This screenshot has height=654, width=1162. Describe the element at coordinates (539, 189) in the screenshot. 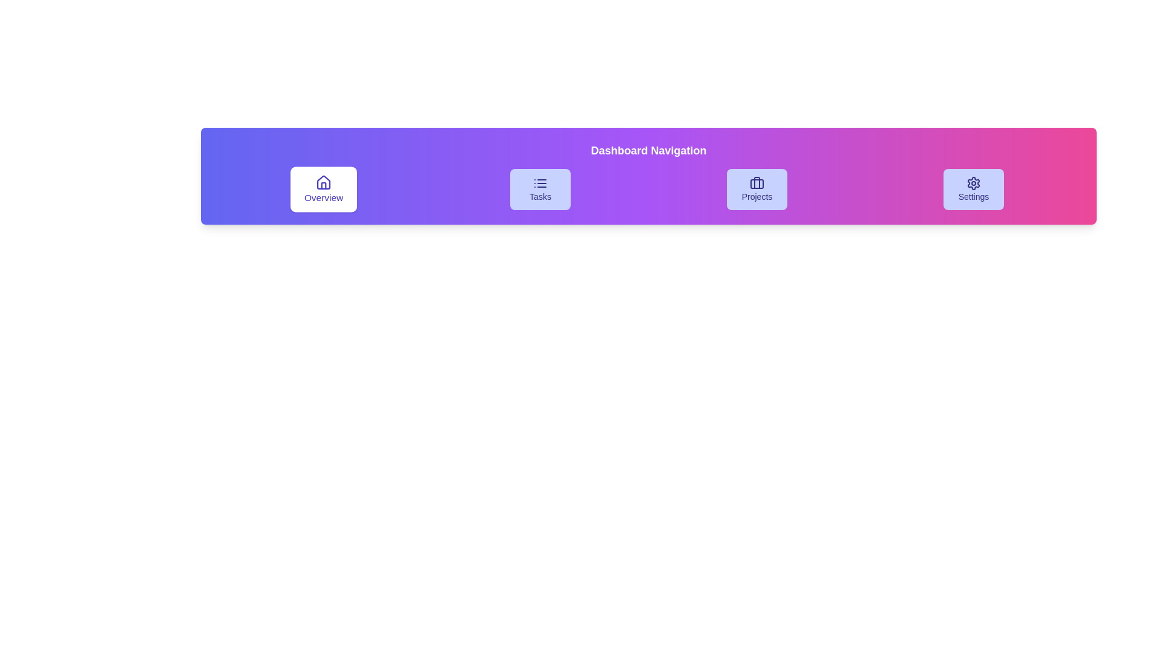

I see `the Tasks button to navigate to the corresponding section` at that location.